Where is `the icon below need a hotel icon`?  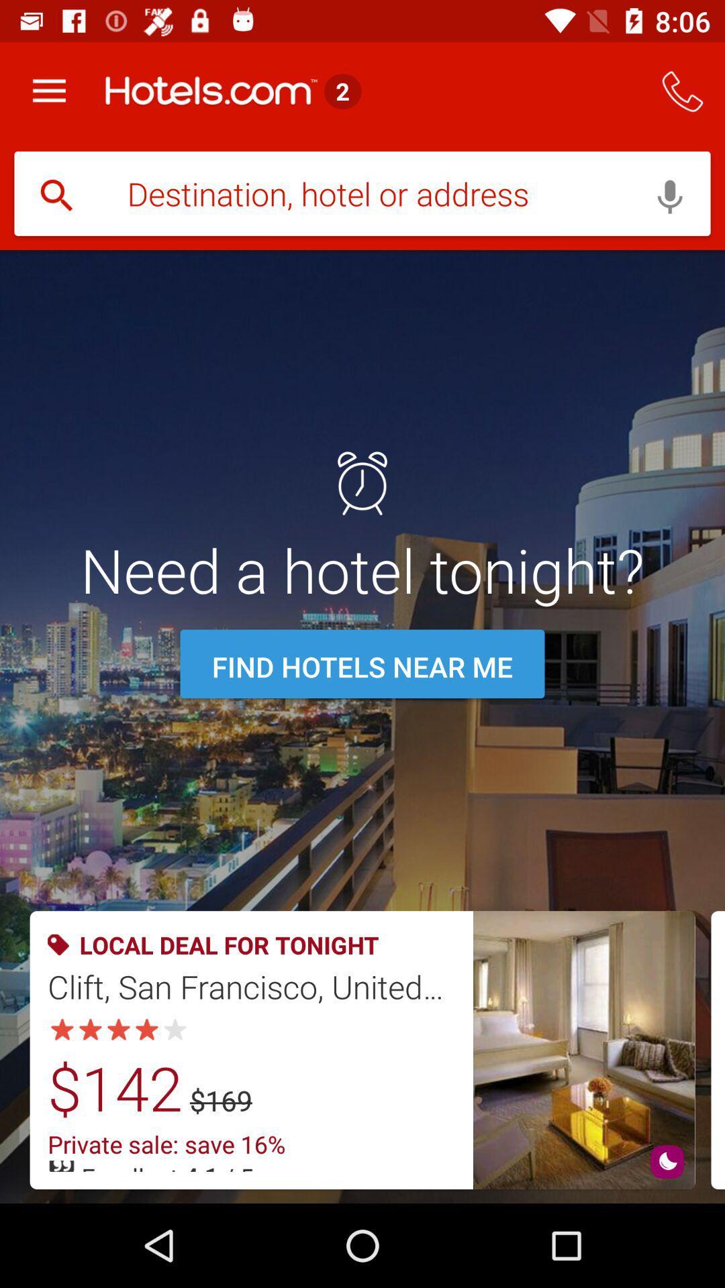 the icon below need a hotel icon is located at coordinates (362, 666).